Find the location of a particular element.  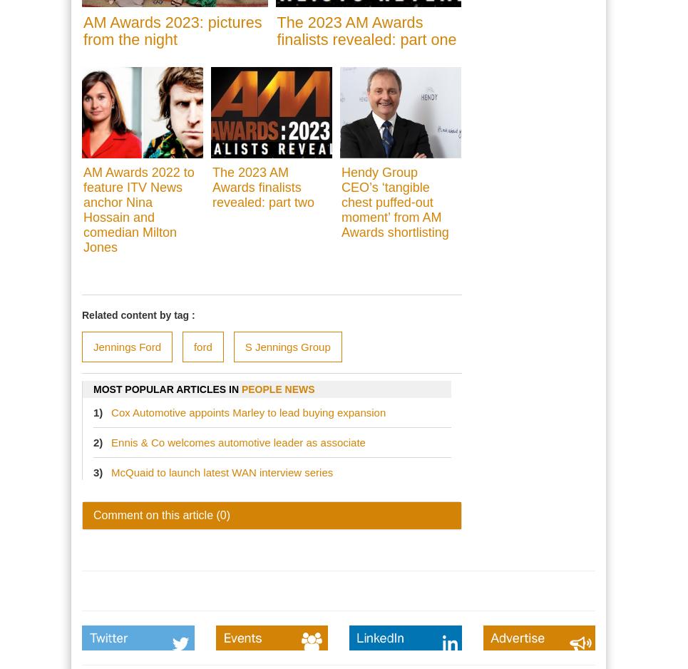

'The 2023 AM Awards finalists revealed: part one' is located at coordinates (366, 30).